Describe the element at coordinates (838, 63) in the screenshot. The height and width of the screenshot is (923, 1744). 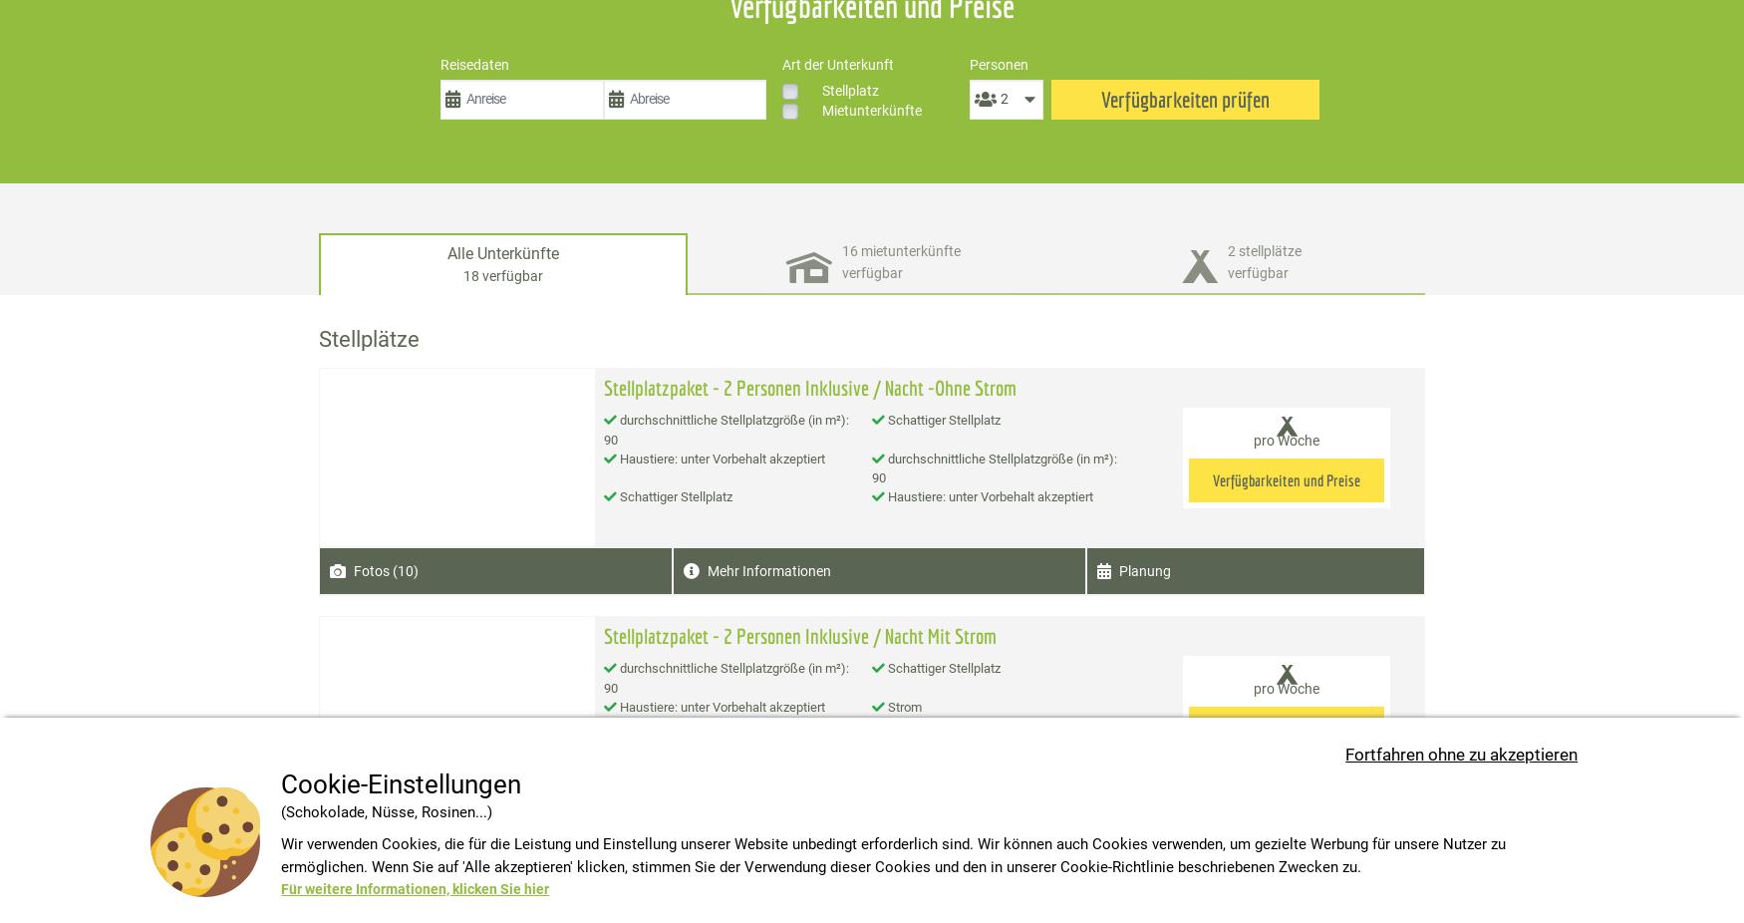
I see `'Art der Unterkunft'` at that location.